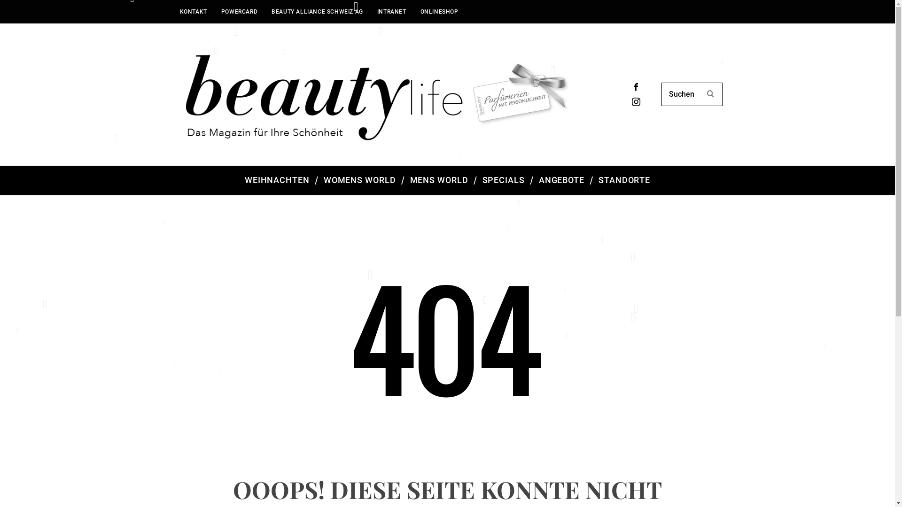  What do you see at coordinates (439, 180) in the screenshot?
I see `'MENS WORLD'` at bounding box center [439, 180].